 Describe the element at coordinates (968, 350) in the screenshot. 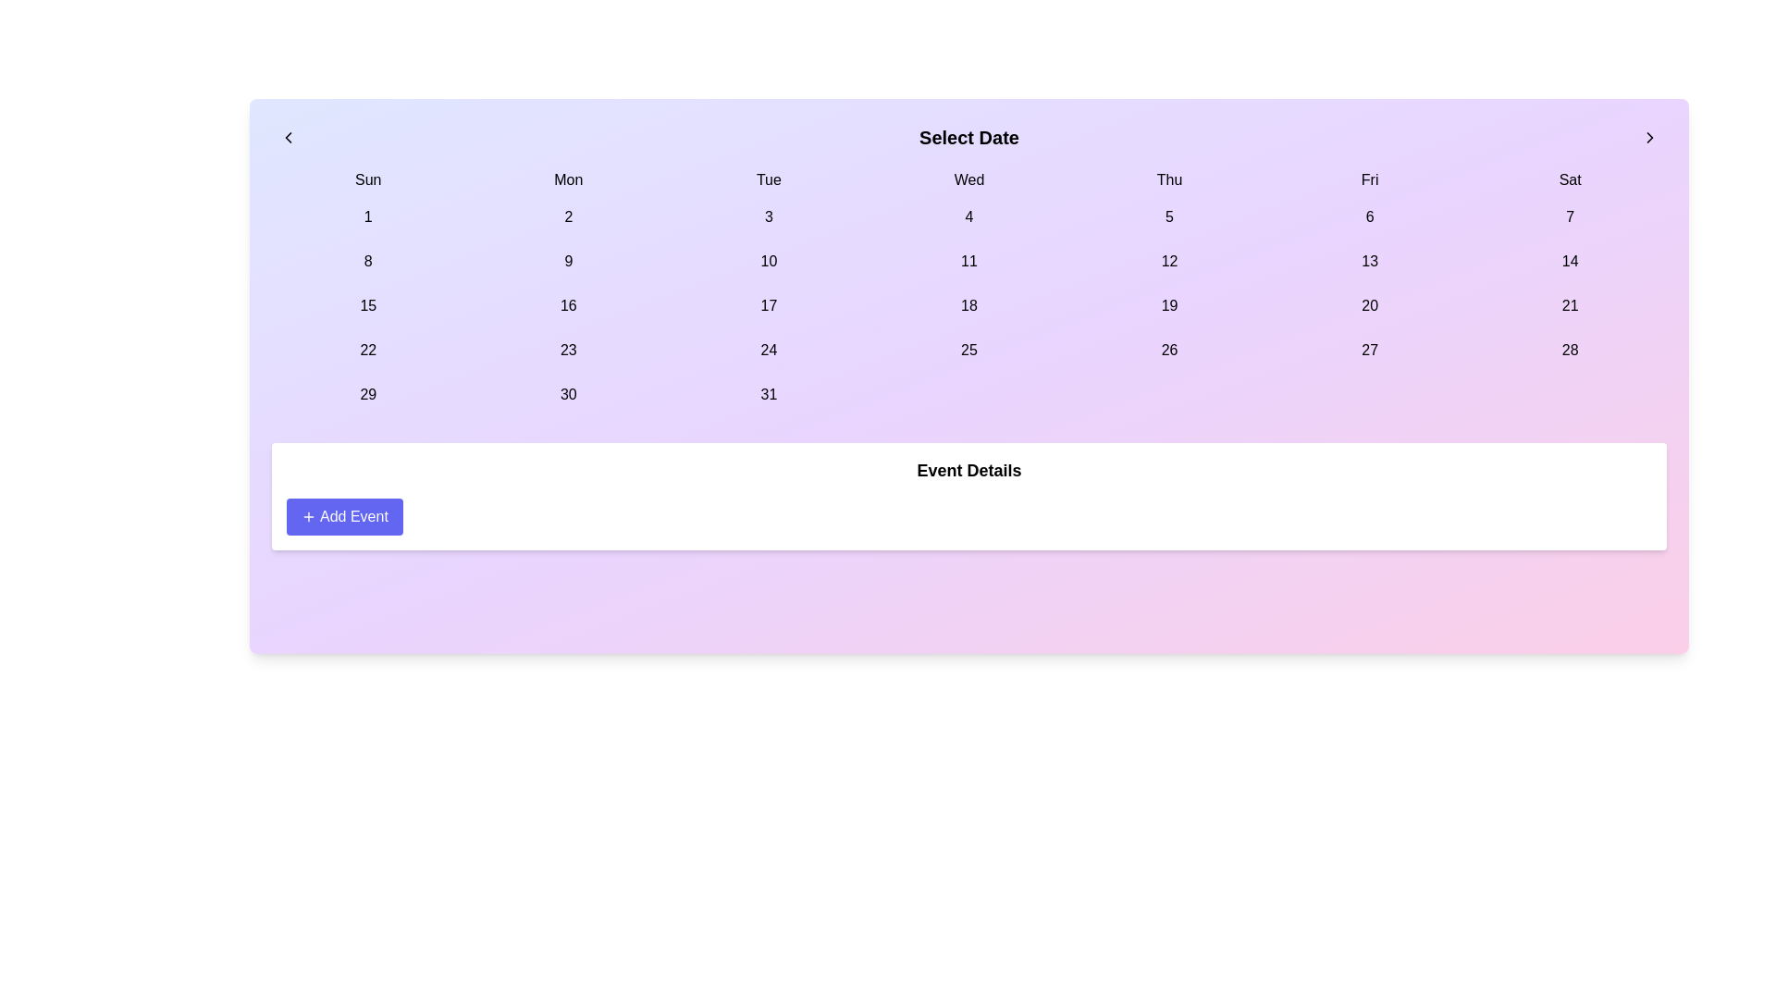

I see `the button labeled '25' located in the fourth column under the 'Wed' header in the fifth row of the calendar grid` at that location.